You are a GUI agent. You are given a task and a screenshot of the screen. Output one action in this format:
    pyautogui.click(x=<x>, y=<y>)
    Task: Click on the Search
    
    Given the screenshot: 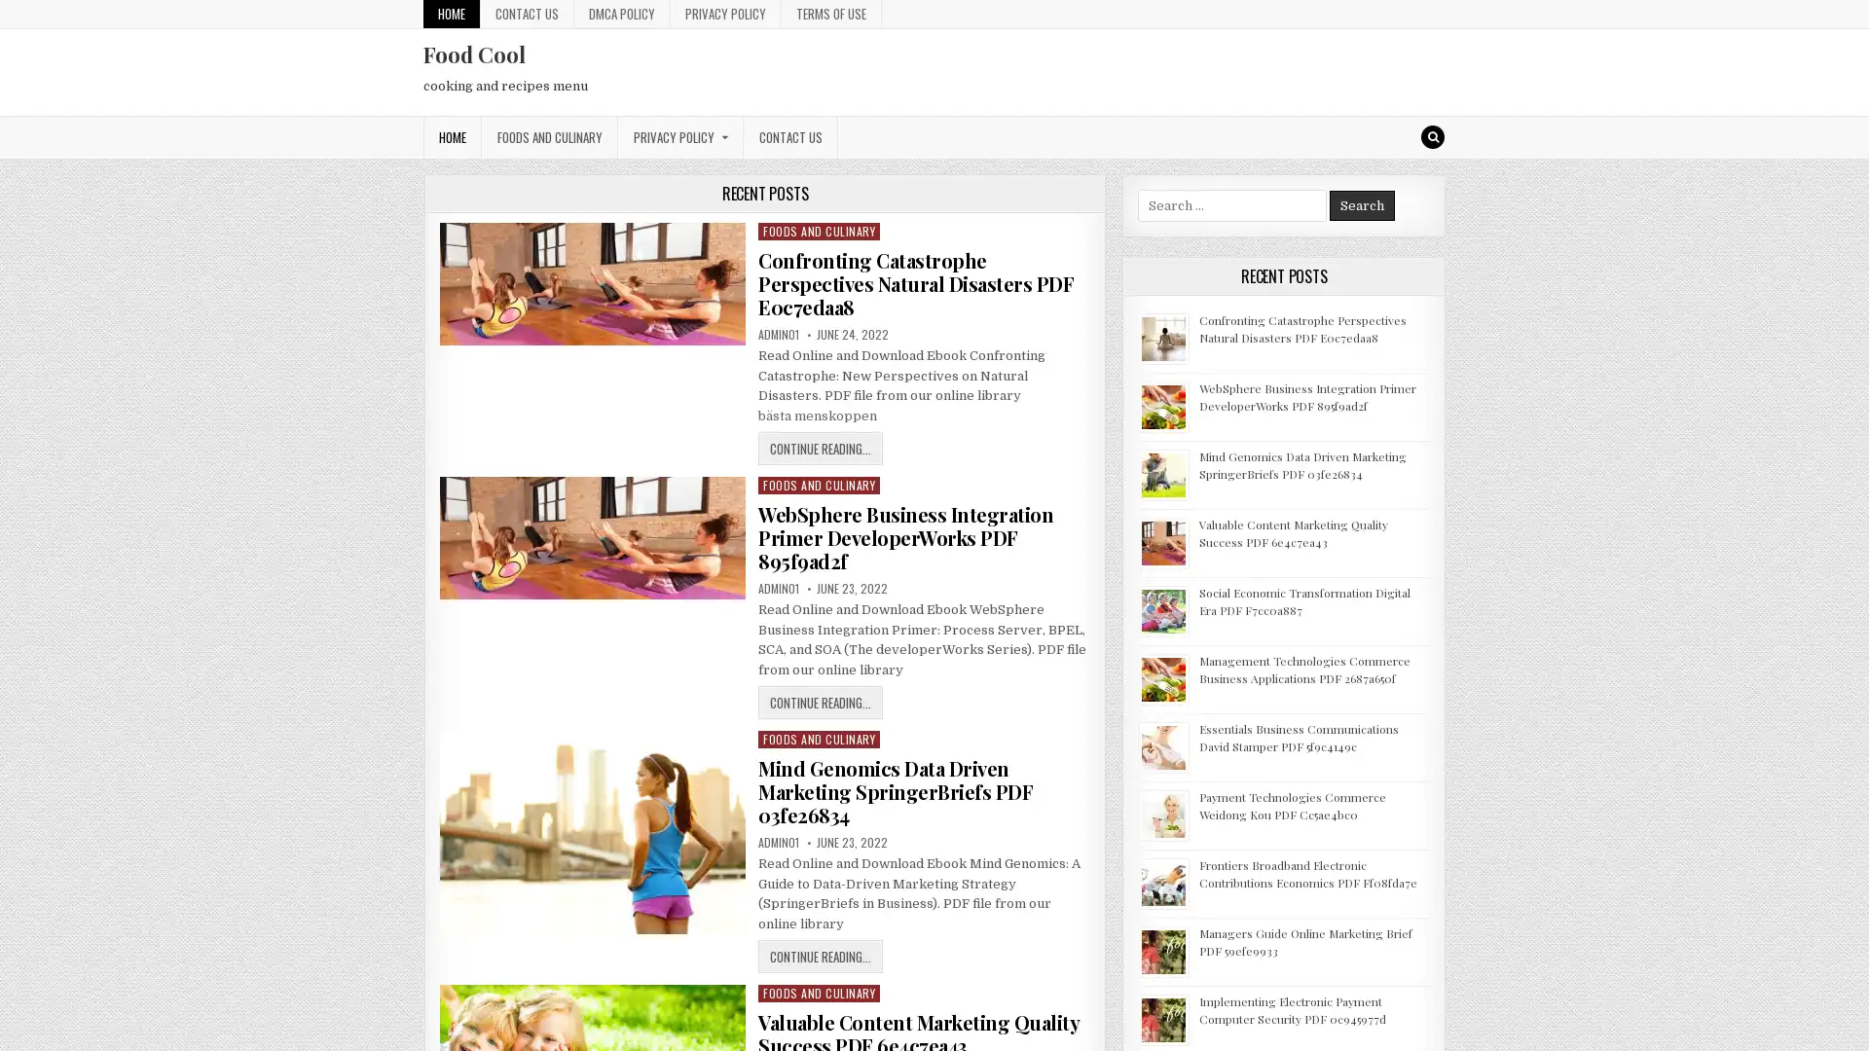 What is the action you would take?
    pyautogui.click(x=1361, y=205)
    